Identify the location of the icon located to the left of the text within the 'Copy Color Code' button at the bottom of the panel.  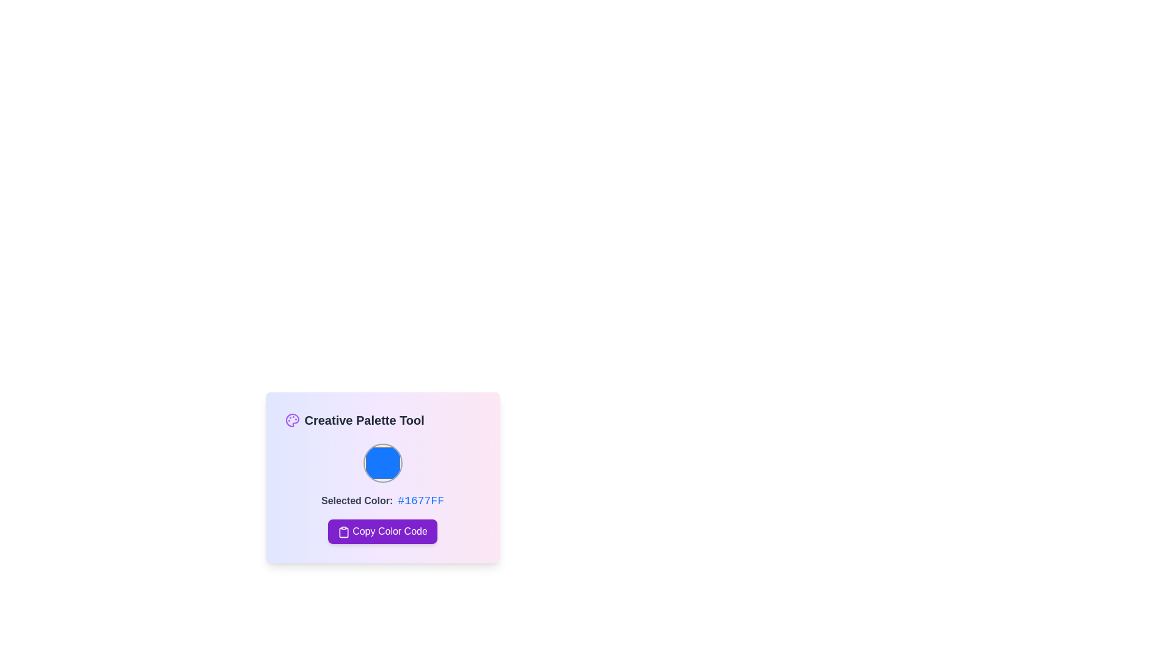
(343, 531).